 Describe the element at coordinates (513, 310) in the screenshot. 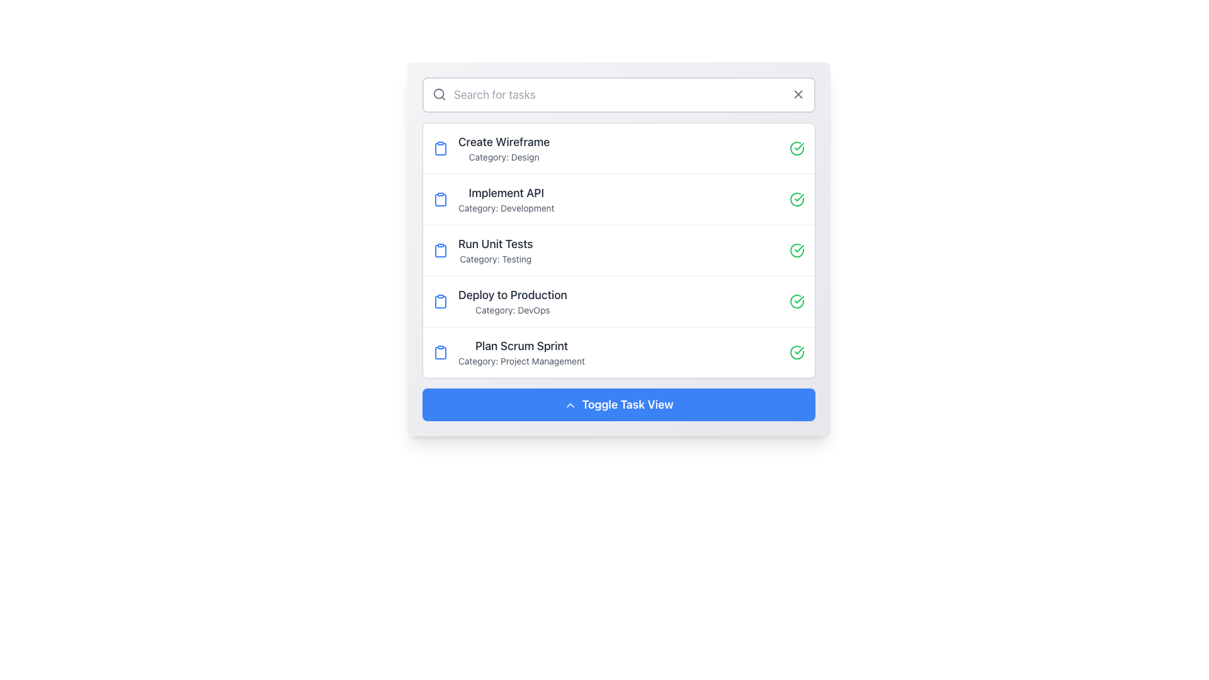

I see `the text label displaying 'Category: DevOps', which is located directly below the 'Deploy to Production' task title in the task list` at that location.